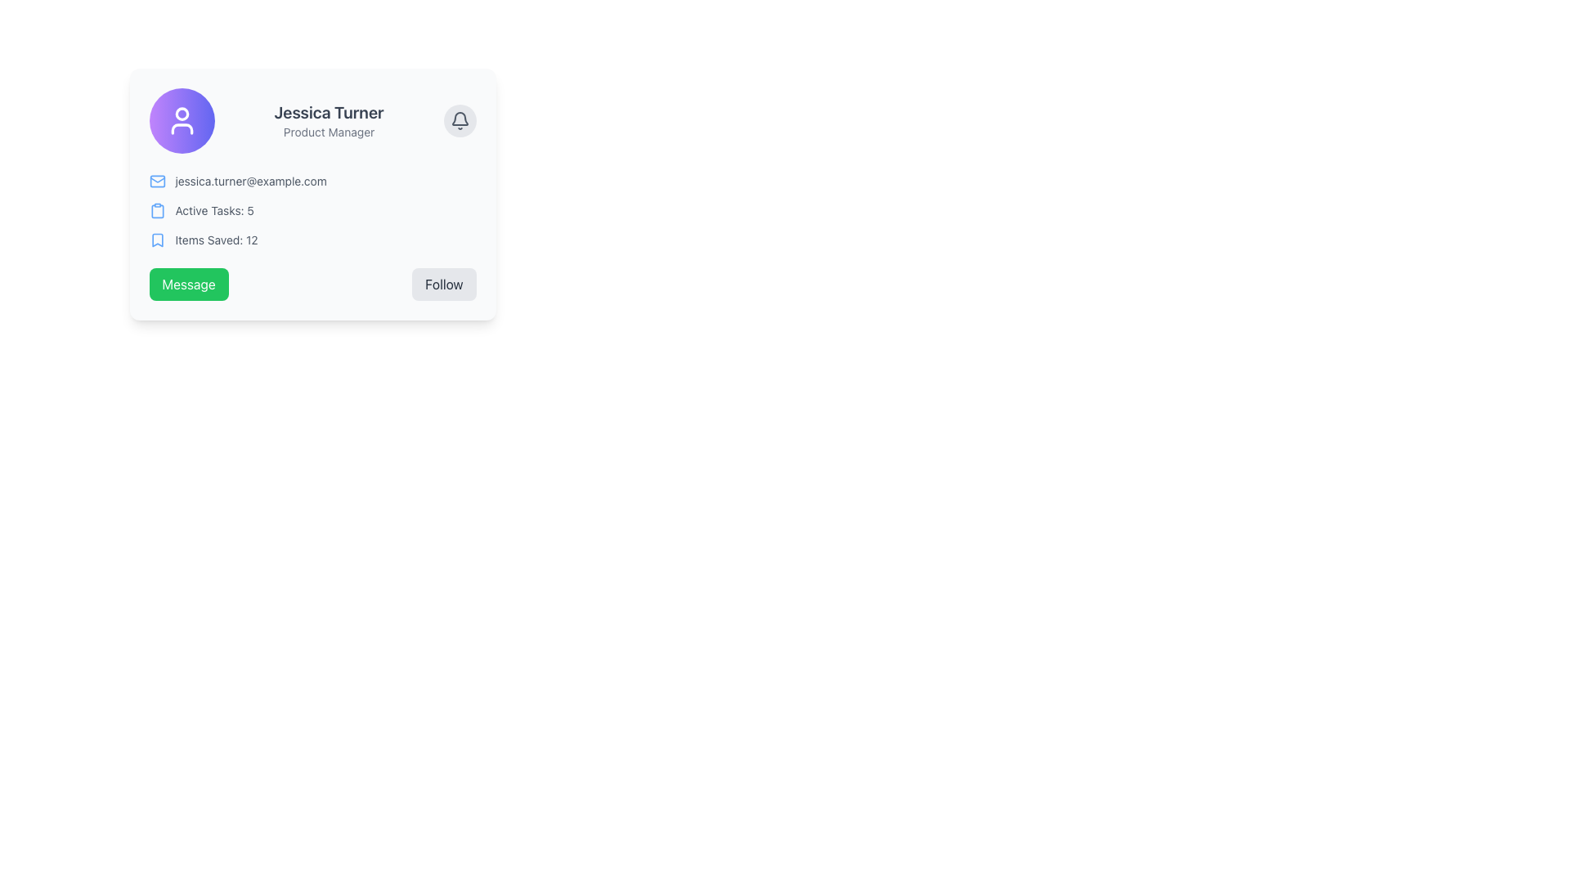 Image resolution: width=1570 pixels, height=883 pixels. I want to click on the text label indicating the job title of 'Jessica Turner', so click(328, 132).